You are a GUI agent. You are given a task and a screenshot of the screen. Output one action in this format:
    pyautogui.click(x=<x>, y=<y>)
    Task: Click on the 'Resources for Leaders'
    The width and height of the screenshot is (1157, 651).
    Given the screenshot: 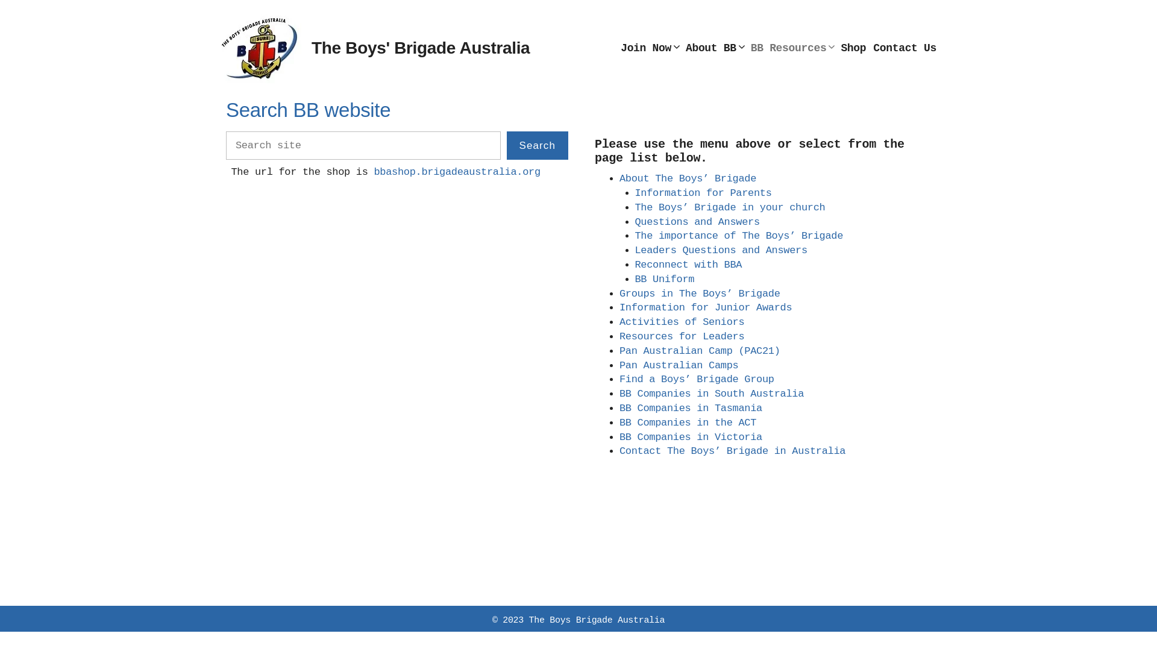 What is the action you would take?
    pyautogui.click(x=682, y=336)
    